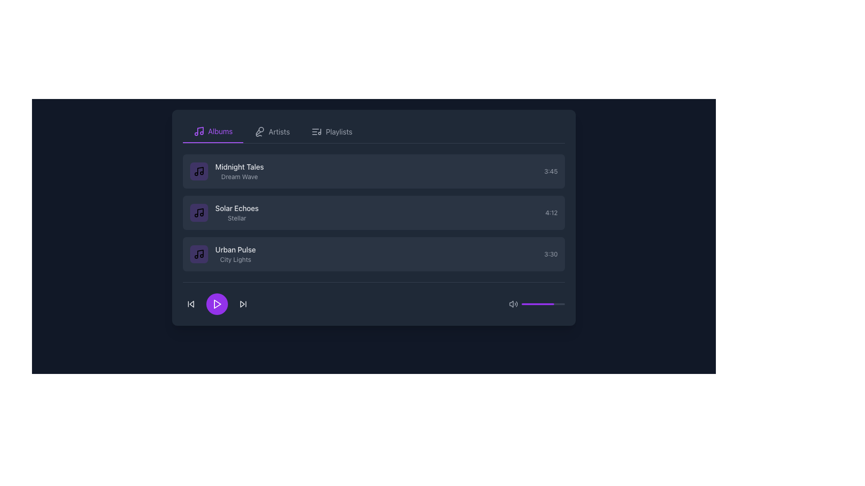 Image resolution: width=865 pixels, height=486 pixels. I want to click on the middle playback button in the horizontal row of buttons at the bottom section of the interface, so click(217, 304).